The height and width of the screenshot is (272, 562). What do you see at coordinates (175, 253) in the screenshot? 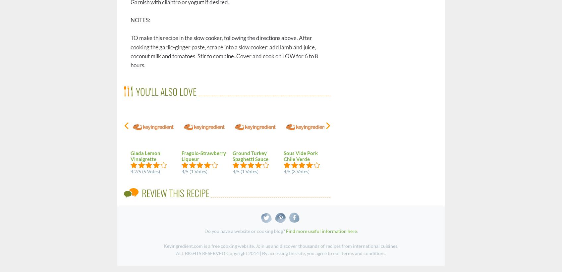
I see `'ALL RIGHTS RESERVED Copyright 2014 | By accessing this site, you agree to our Terms and conditions.'` at bounding box center [175, 253].